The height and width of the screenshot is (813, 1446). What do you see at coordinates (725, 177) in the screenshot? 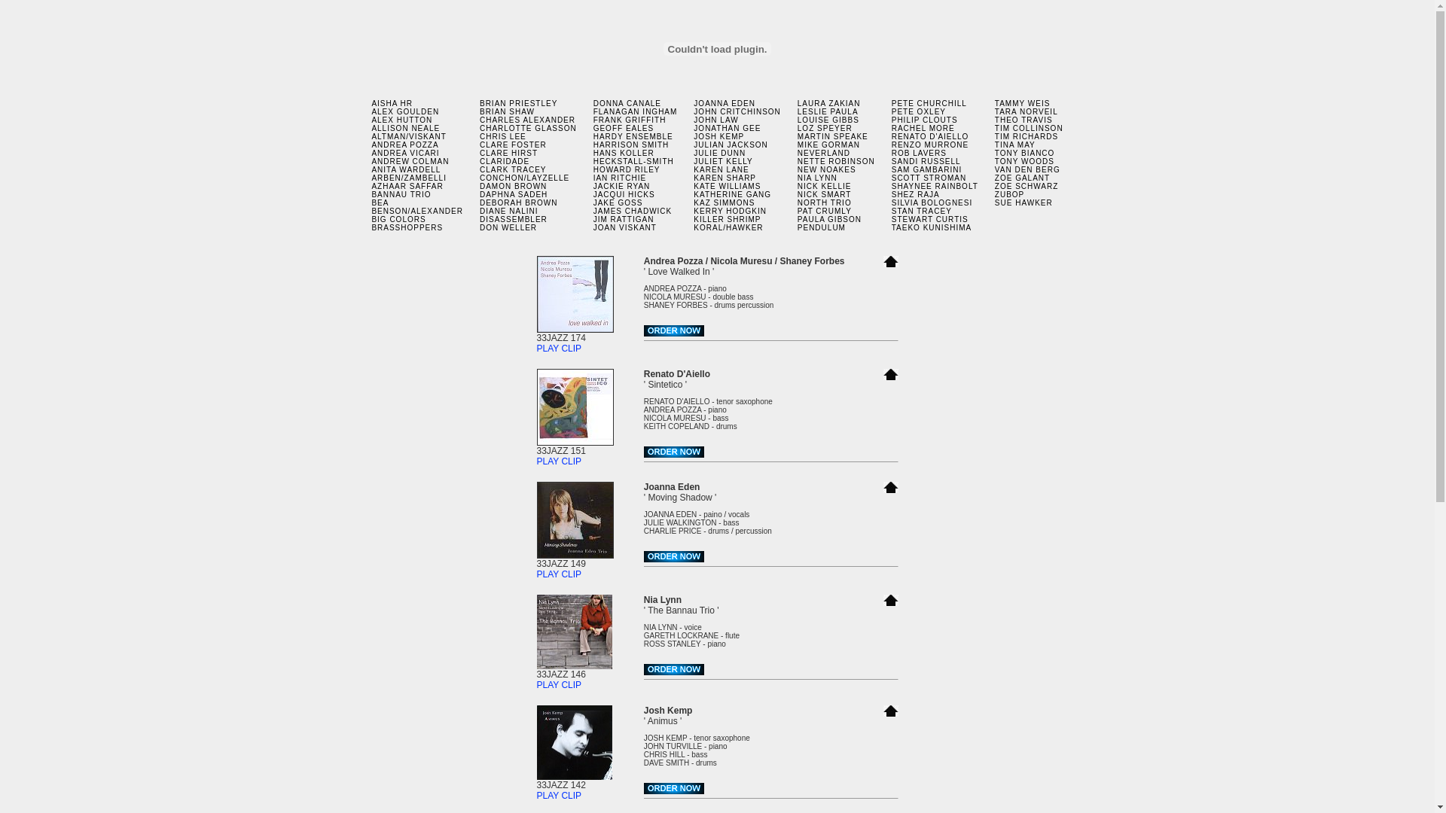
I see `'KAREN SHARP'` at bounding box center [725, 177].